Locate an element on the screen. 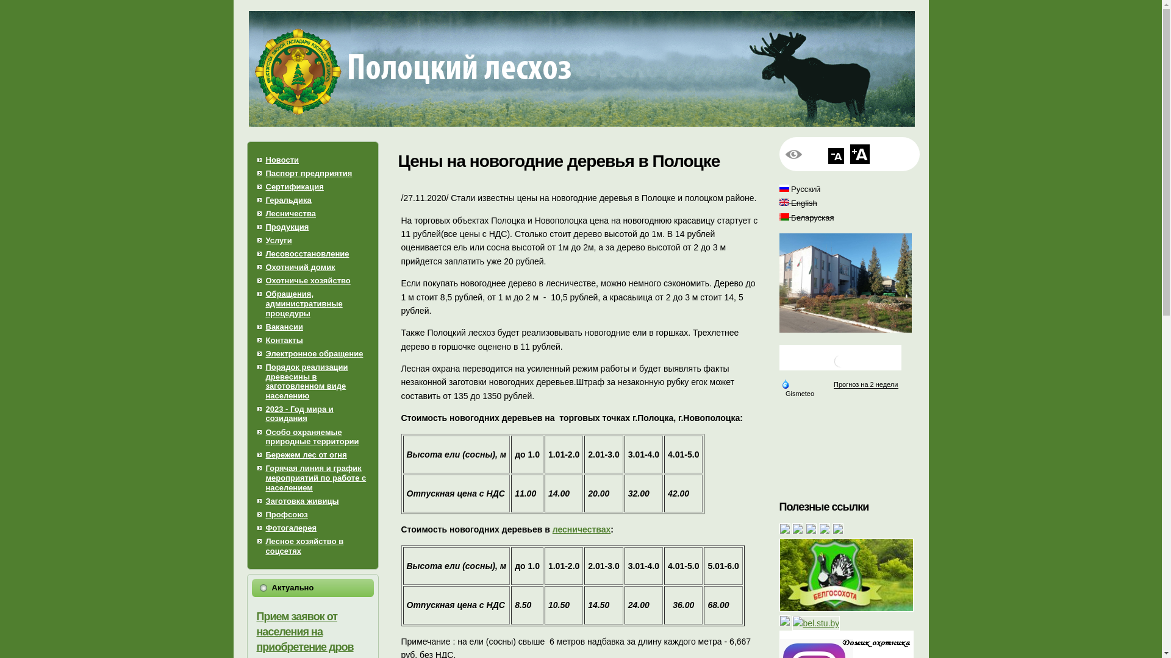 This screenshot has width=1171, height=658. 'English' is located at coordinates (784, 201).